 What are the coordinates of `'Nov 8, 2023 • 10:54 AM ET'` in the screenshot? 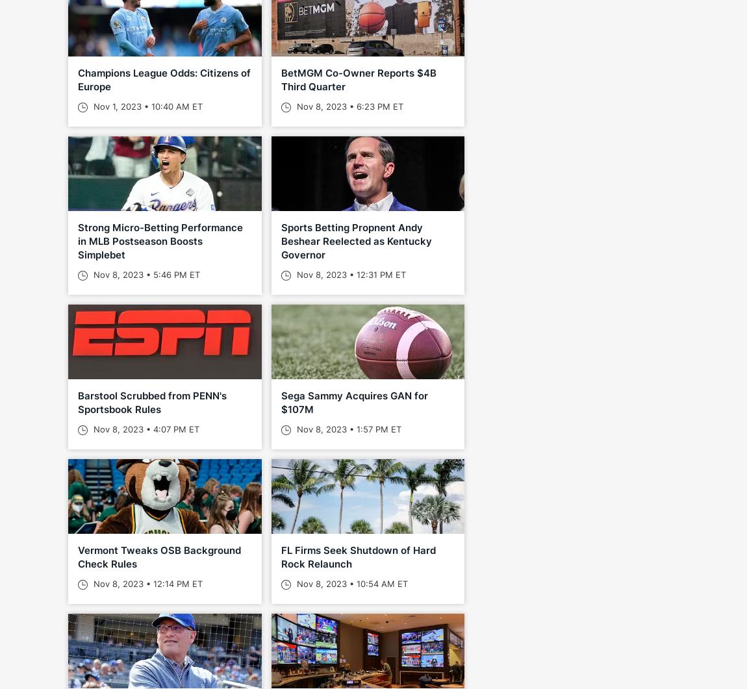 It's located at (350, 583).